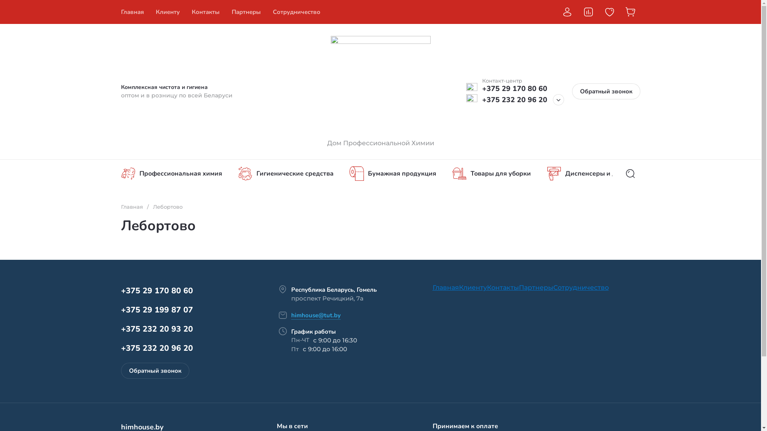 This screenshot has height=431, width=767. I want to click on '+375 29 170 80 60', so click(157, 291).